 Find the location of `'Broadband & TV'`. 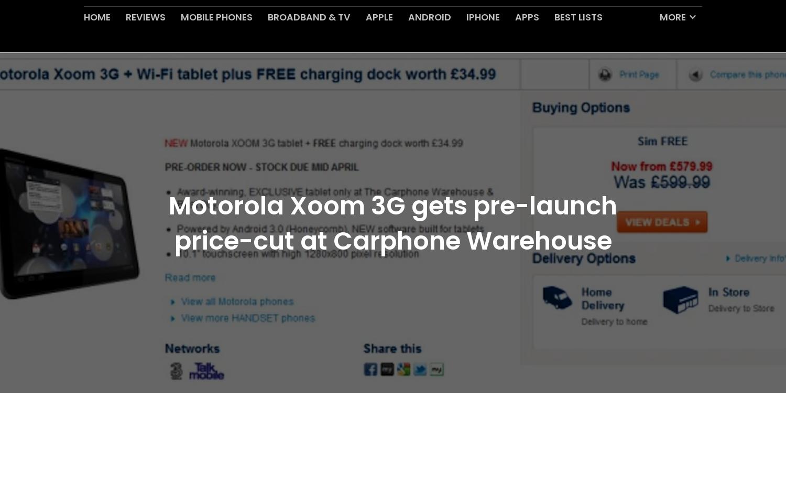

'Broadband & TV' is located at coordinates (308, 41).